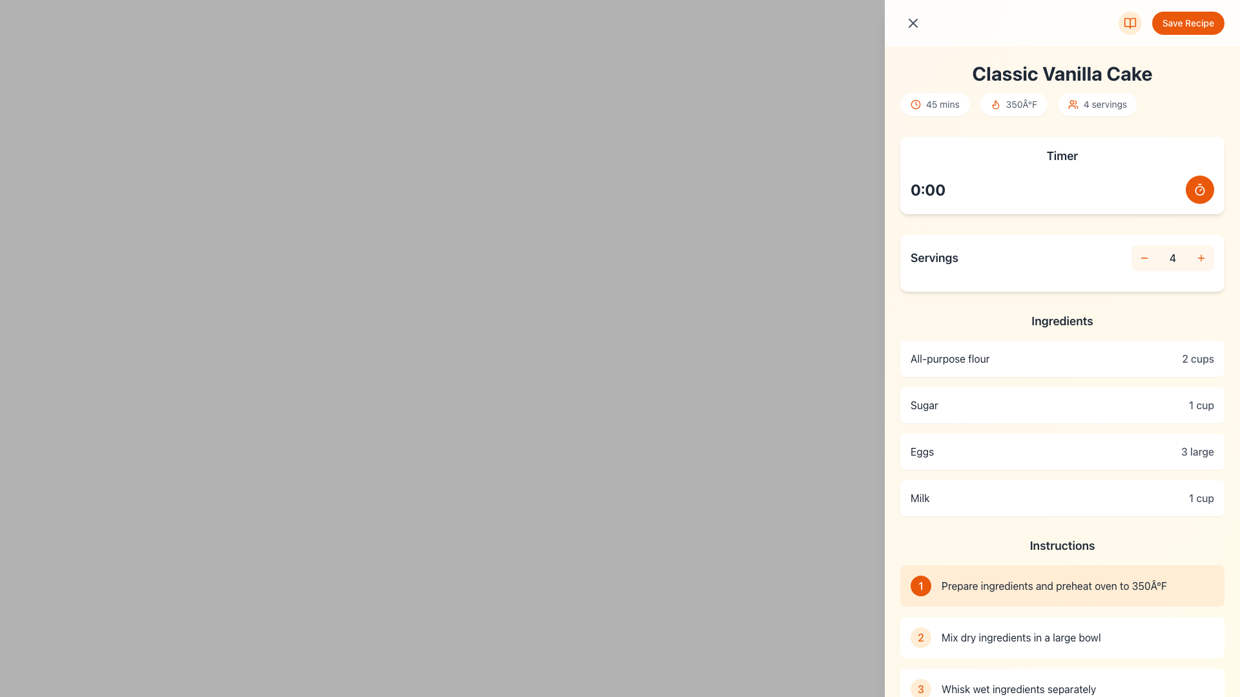 The height and width of the screenshot is (697, 1240). Describe the element at coordinates (1062, 320) in the screenshot. I see `the ingredients section label located in the right-side panel, positioned below the 'Servings' control and above the list of ingredients details` at that location.